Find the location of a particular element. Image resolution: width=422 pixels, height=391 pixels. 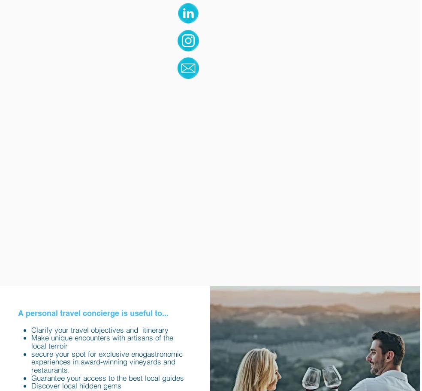

'Clarify' is located at coordinates (41, 329).